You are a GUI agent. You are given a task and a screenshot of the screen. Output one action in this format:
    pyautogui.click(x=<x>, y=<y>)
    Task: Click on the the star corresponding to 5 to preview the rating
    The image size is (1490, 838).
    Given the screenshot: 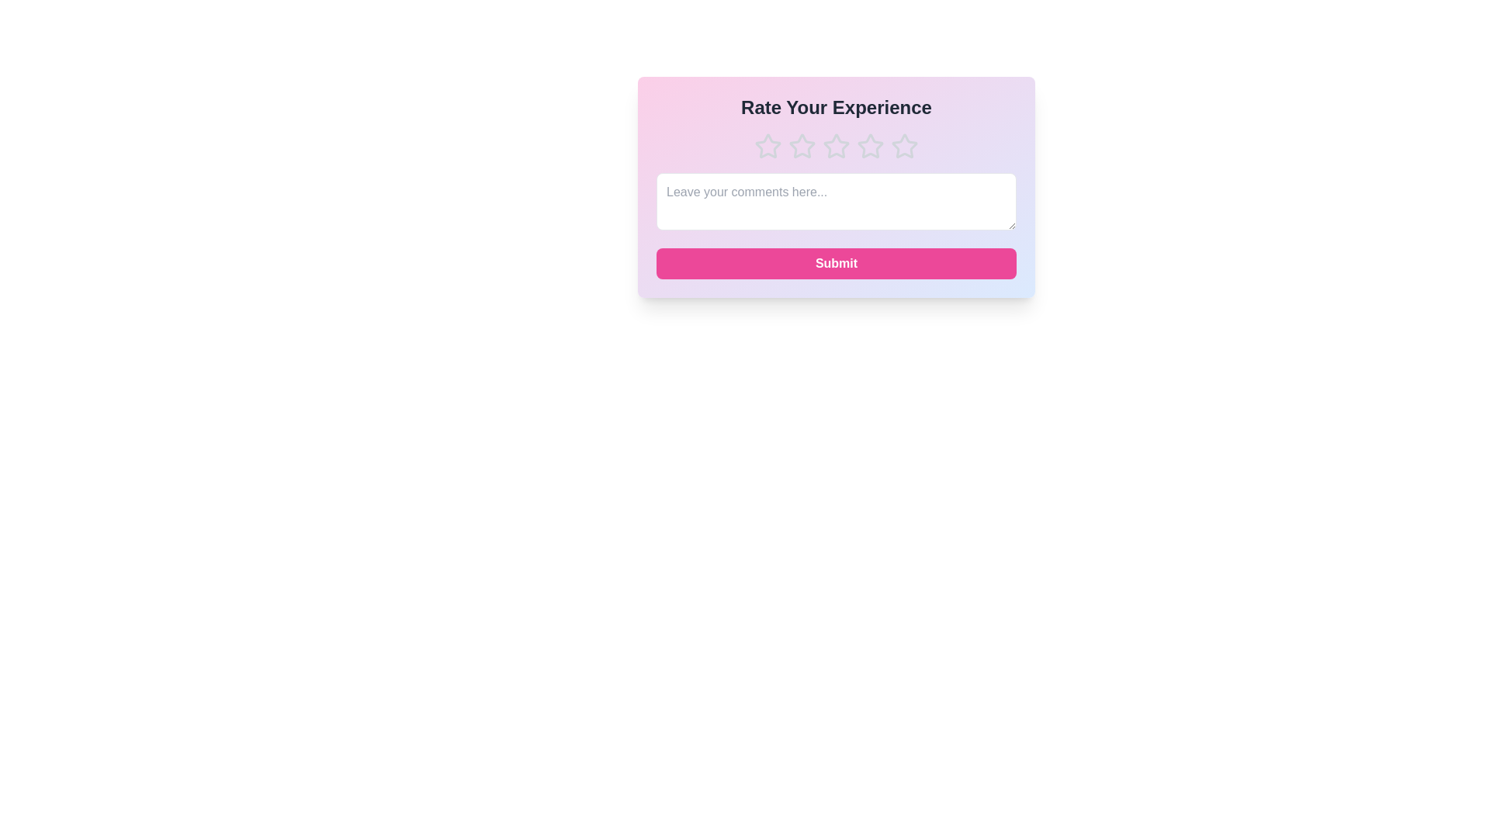 What is the action you would take?
    pyautogui.click(x=905, y=147)
    